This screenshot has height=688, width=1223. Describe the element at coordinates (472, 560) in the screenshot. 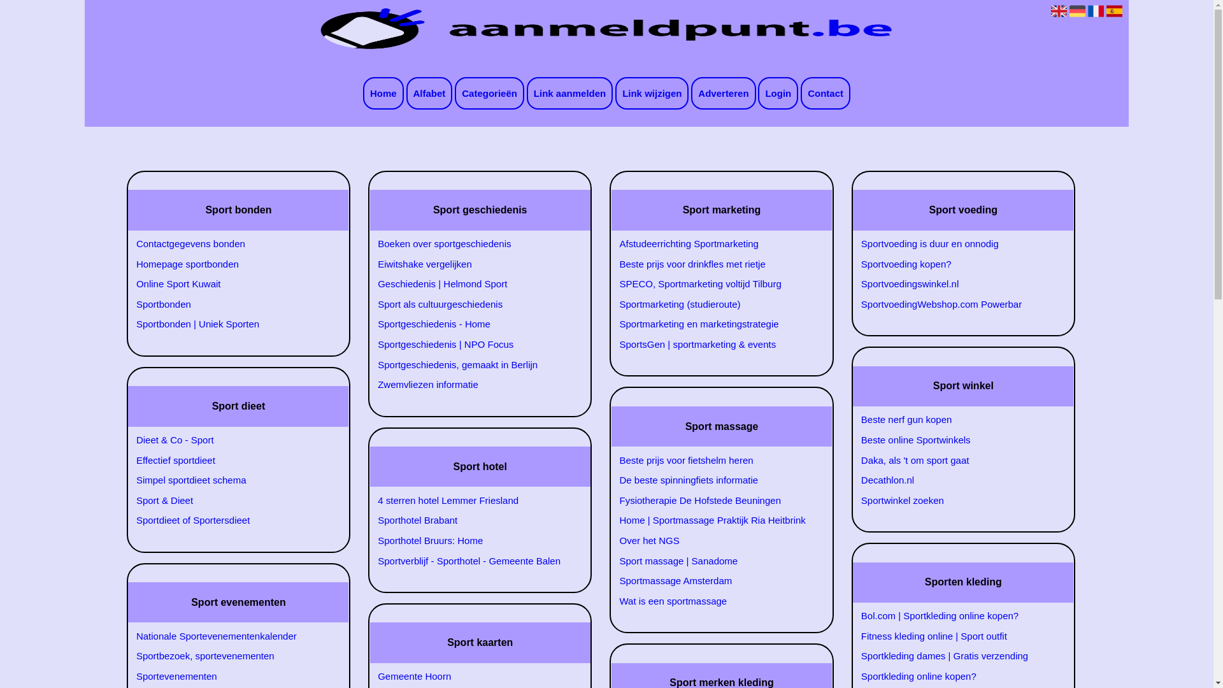

I see `'Sportverblijf - Sporthotel - Gemeente Balen'` at that location.